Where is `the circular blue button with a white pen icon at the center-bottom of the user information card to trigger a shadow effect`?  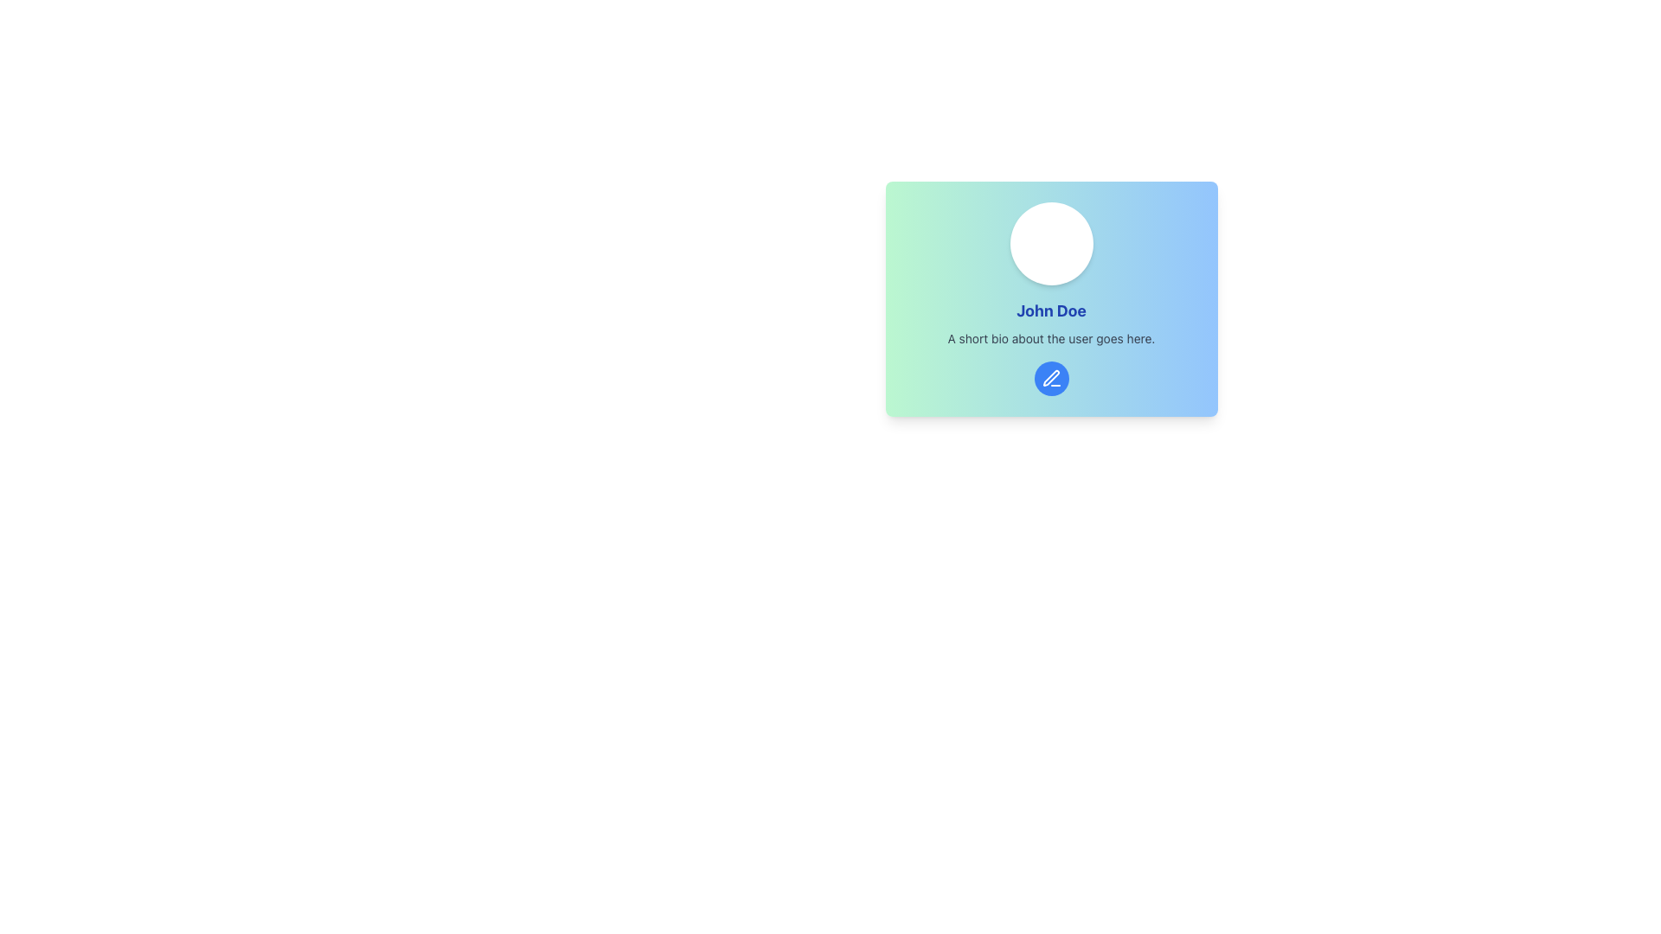 the circular blue button with a white pen icon at the center-bottom of the user information card to trigger a shadow effect is located at coordinates (1050, 378).